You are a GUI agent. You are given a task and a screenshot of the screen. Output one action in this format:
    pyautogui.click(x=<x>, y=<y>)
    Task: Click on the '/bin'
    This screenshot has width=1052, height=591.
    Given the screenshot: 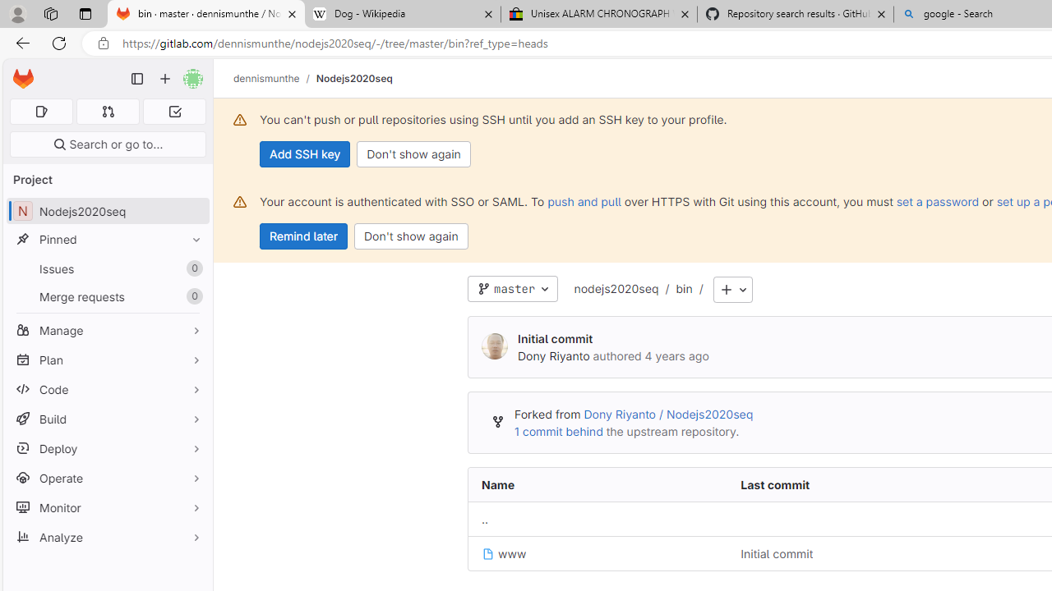 What is the action you would take?
    pyautogui.click(x=676, y=289)
    